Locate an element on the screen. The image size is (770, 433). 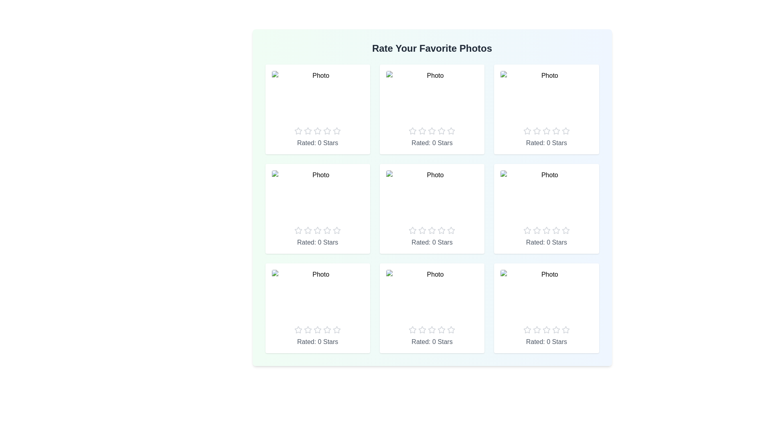
the placeholder image to view it is located at coordinates (317, 96).